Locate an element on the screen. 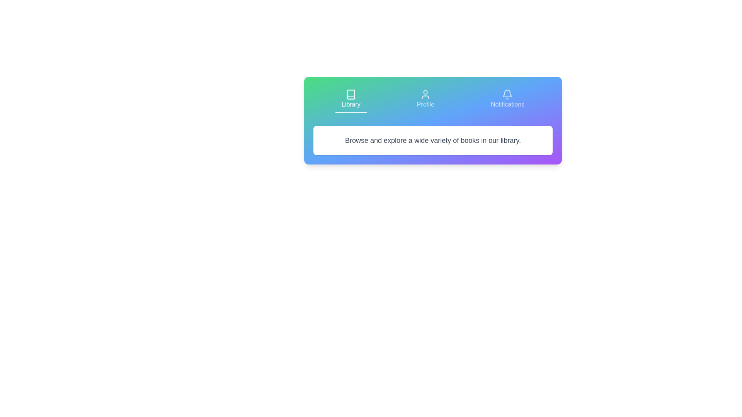 The height and width of the screenshot is (417, 742). the Profile tab is located at coordinates (425, 99).